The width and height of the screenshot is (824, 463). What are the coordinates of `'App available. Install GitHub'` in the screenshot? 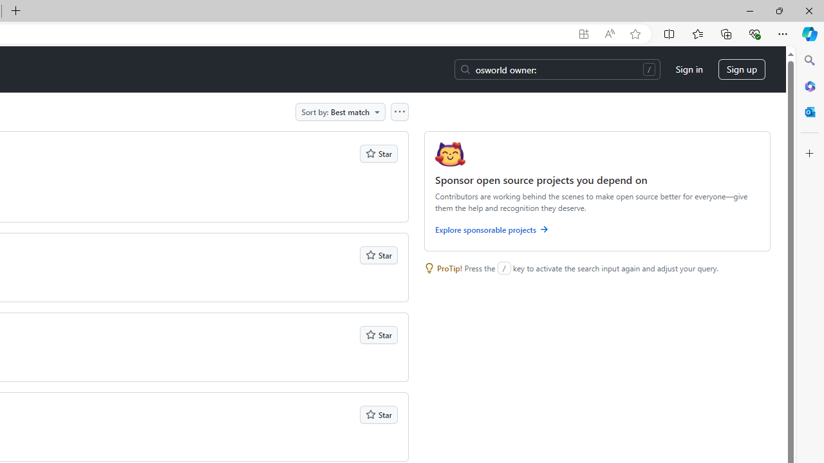 It's located at (583, 33).